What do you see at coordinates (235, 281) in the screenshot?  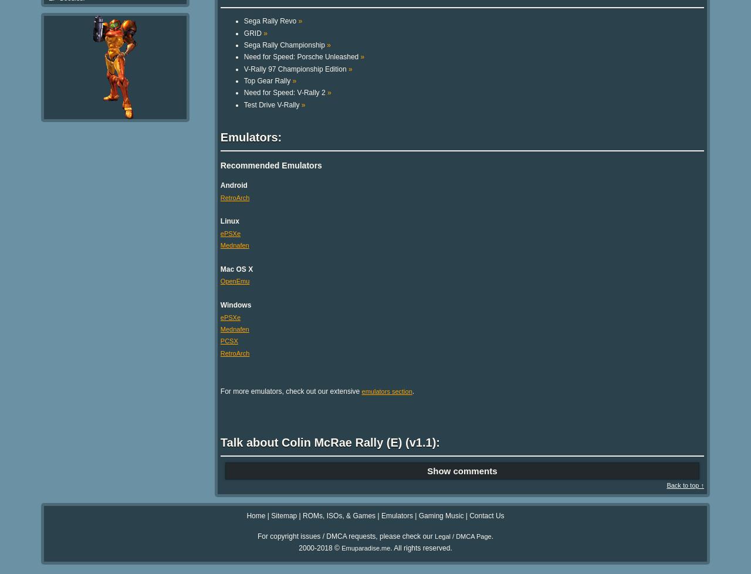 I see `'OpenEmu'` at bounding box center [235, 281].